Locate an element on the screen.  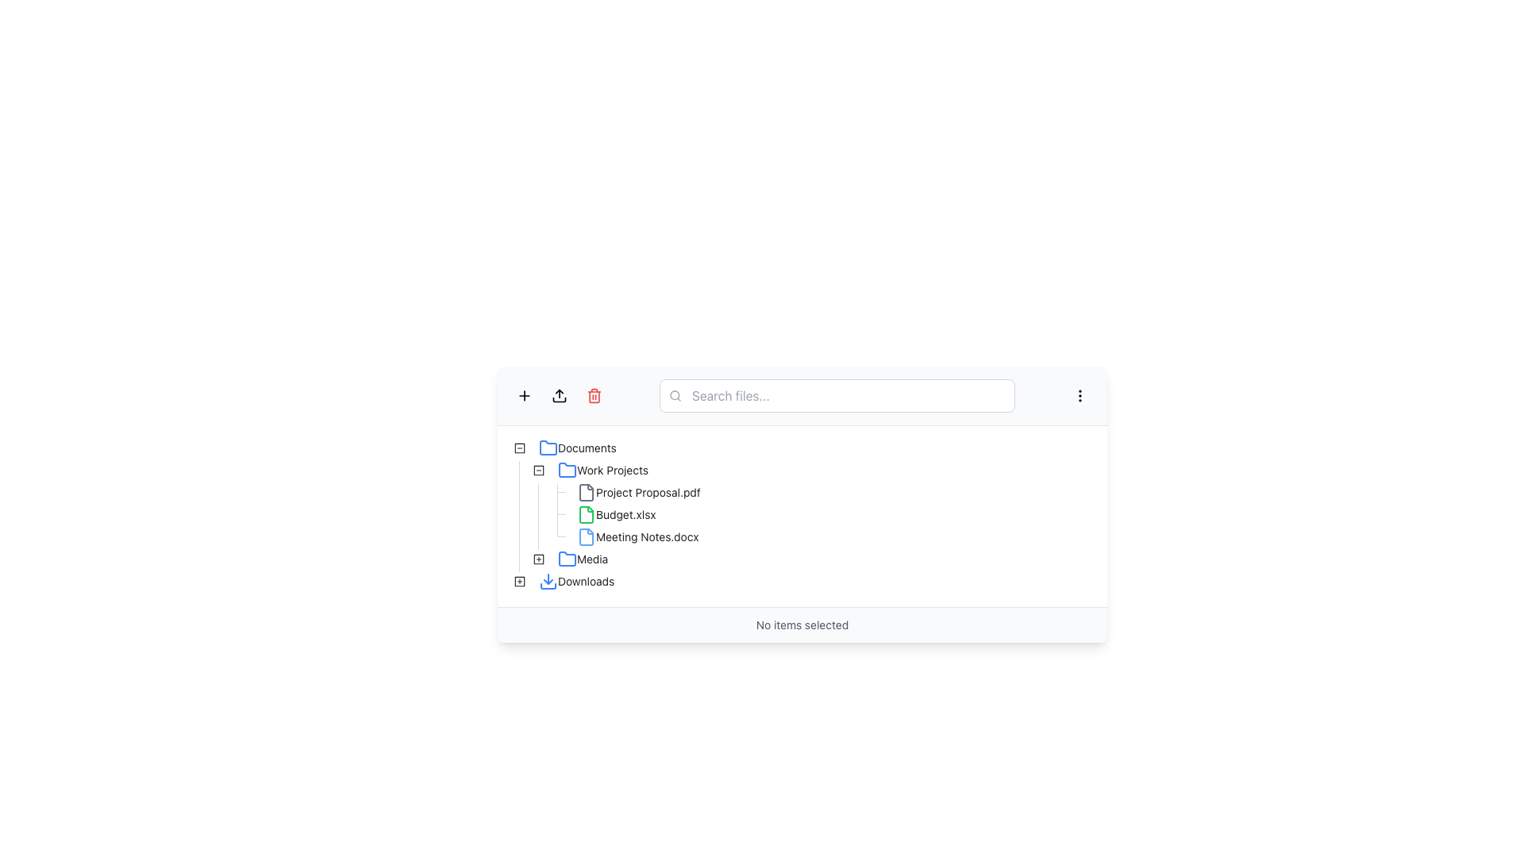
the 'Documents' text label in the tree view is located at coordinates (586, 448).